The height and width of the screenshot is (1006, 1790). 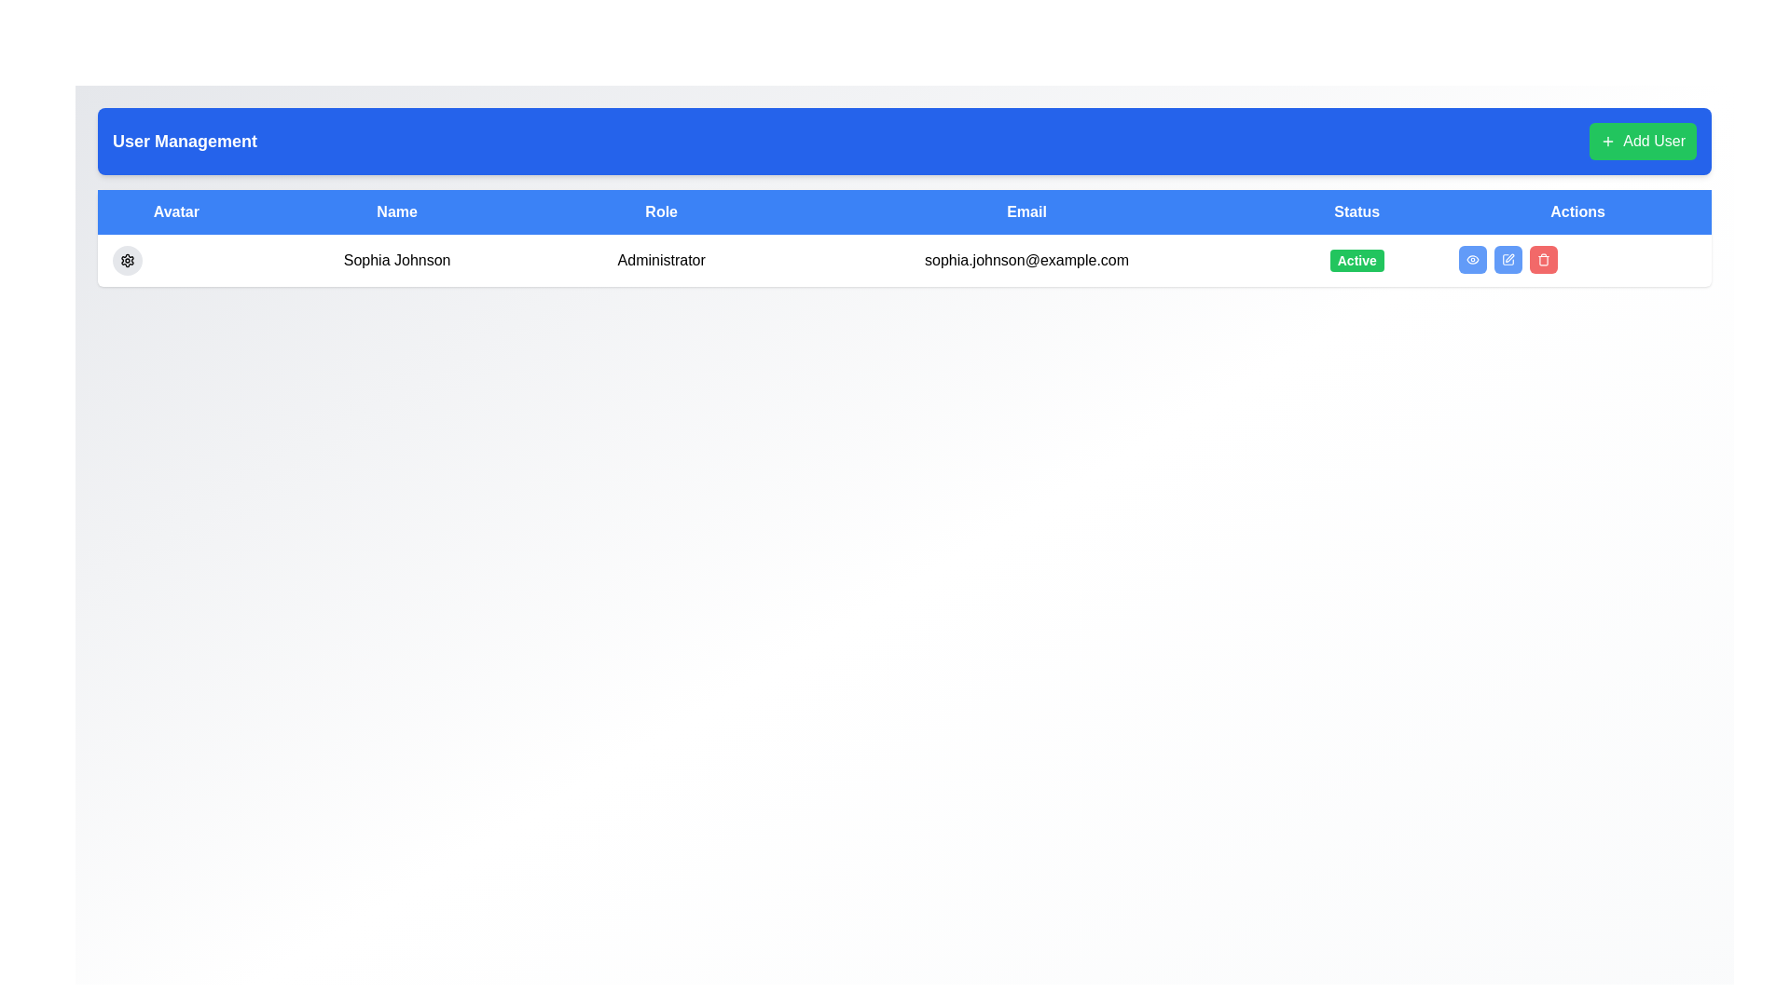 What do you see at coordinates (396, 261) in the screenshot?
I see `the Text Label that displays the user's name, located in the first data row under the 'Name' column of the user details table` at bounding box center [396, 261].